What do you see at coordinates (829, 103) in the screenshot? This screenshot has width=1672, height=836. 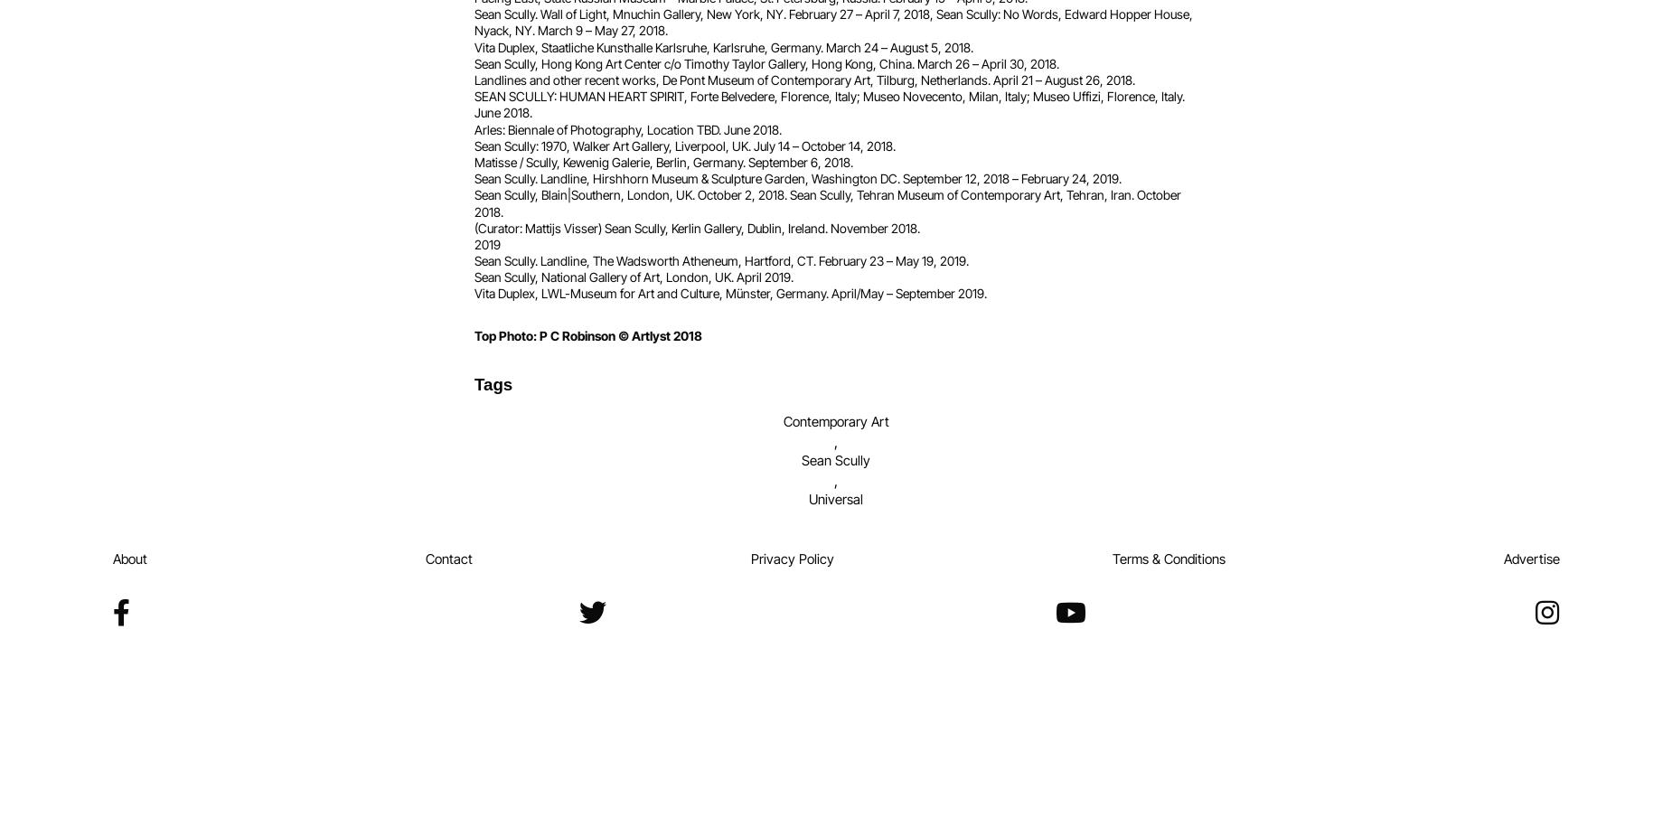 I see `'SEAN SCULLY: HUMAN HEART SPIRIT, Forte Belvedere, Florence, Italy; Museo Novecento, Milan, Italy; Museo Uffizi, Florence, Italy. June 2018.'` at bounding box center [829, 103].